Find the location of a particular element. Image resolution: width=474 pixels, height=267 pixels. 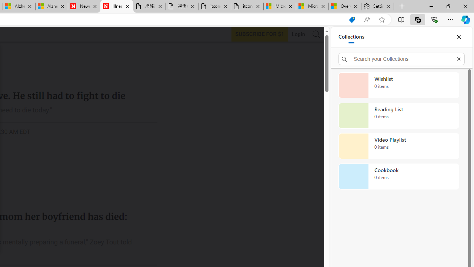

'Search your Collections' is located at coordinates (401, 59).